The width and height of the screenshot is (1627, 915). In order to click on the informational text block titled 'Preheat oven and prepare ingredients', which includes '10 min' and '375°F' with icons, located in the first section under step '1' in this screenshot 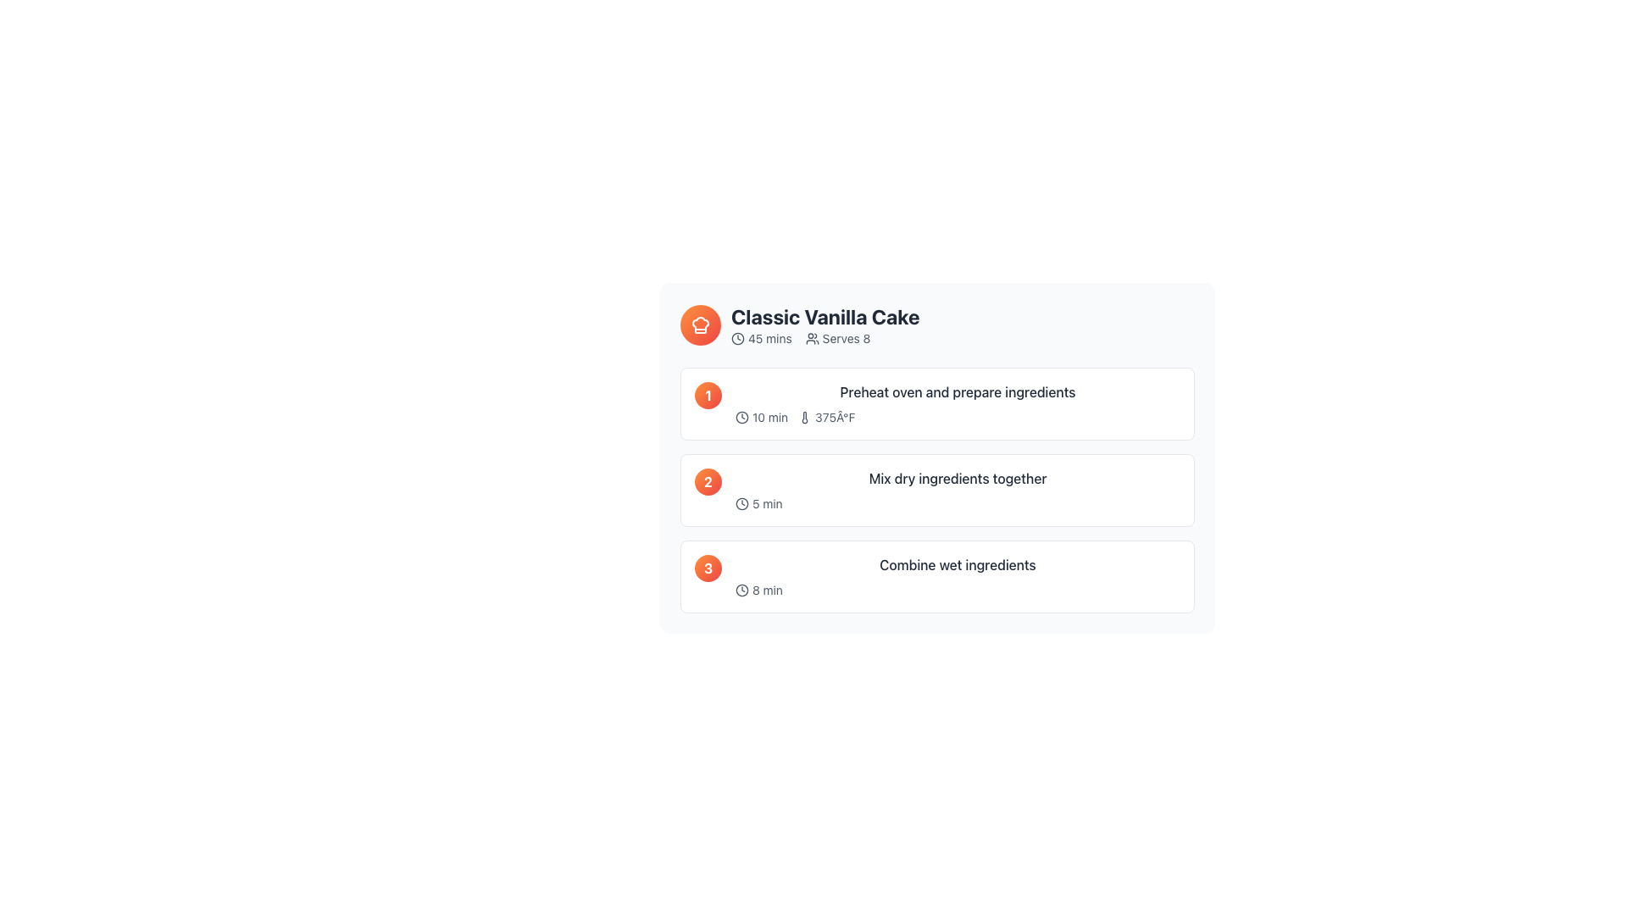, I will do `click(958, 404)`.